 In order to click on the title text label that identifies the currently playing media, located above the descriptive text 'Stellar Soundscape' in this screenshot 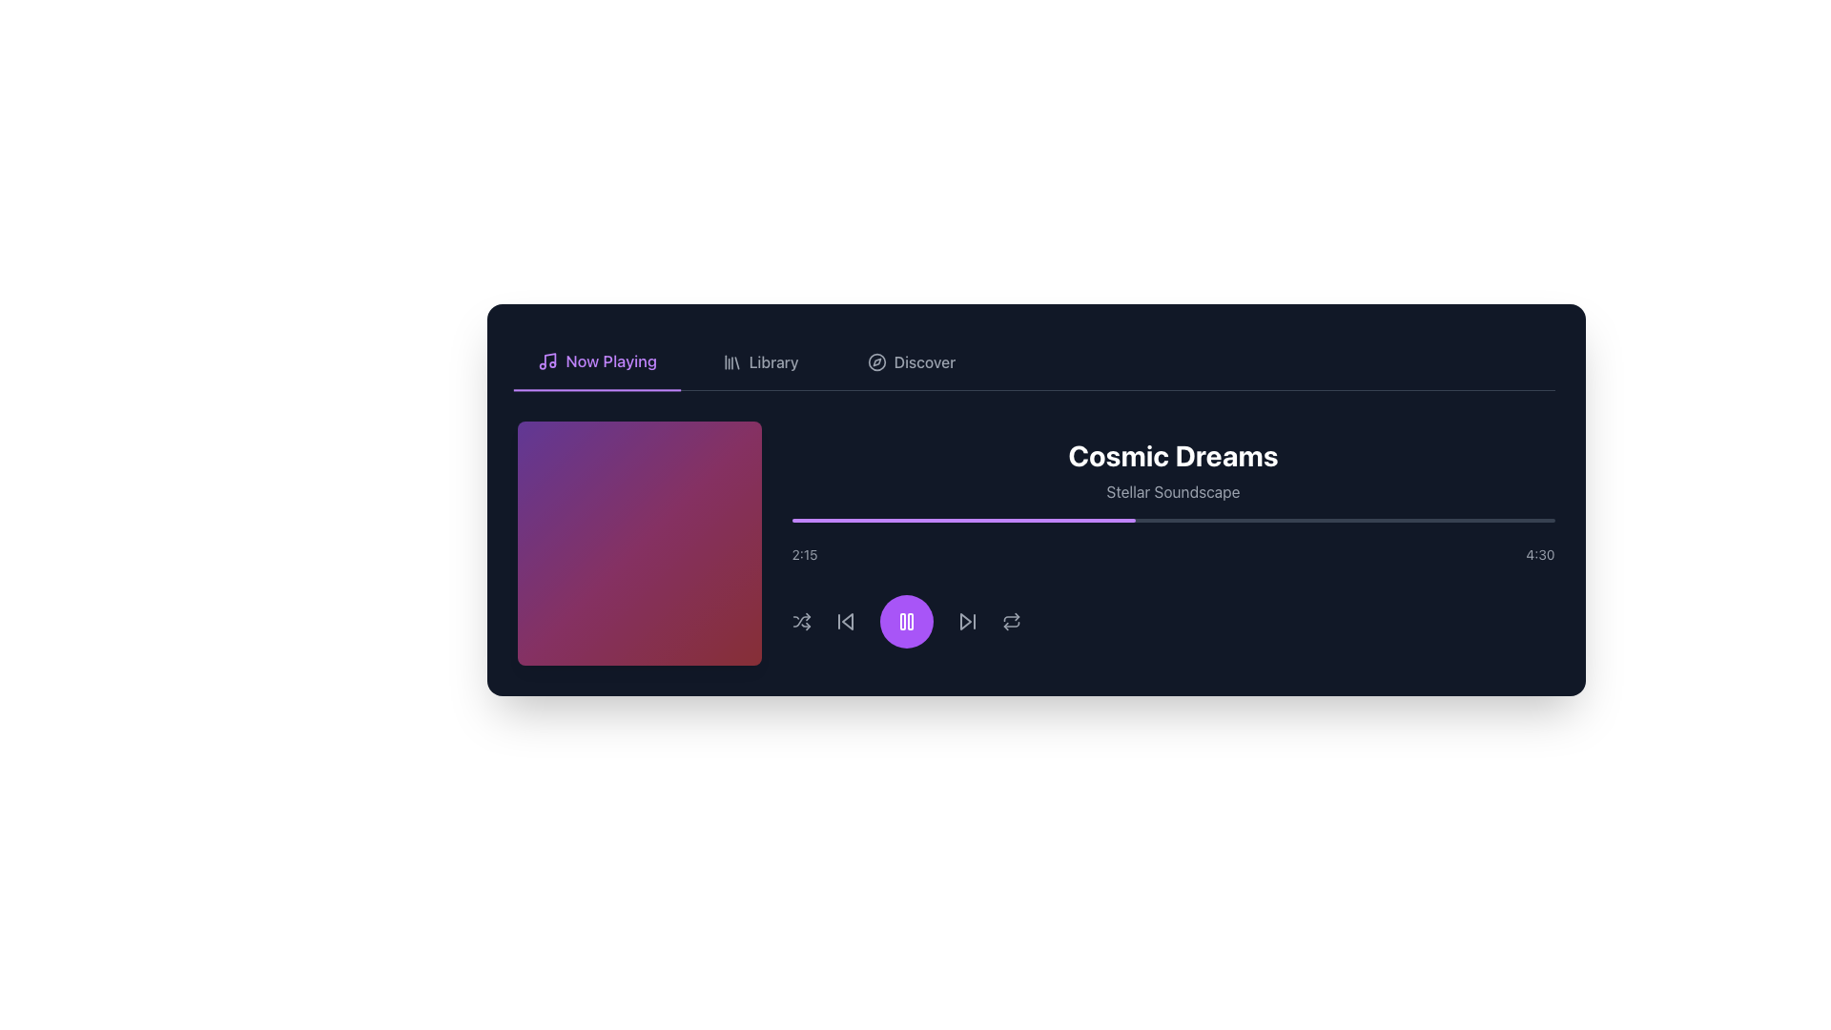, I will do `click(1172, 456)`.